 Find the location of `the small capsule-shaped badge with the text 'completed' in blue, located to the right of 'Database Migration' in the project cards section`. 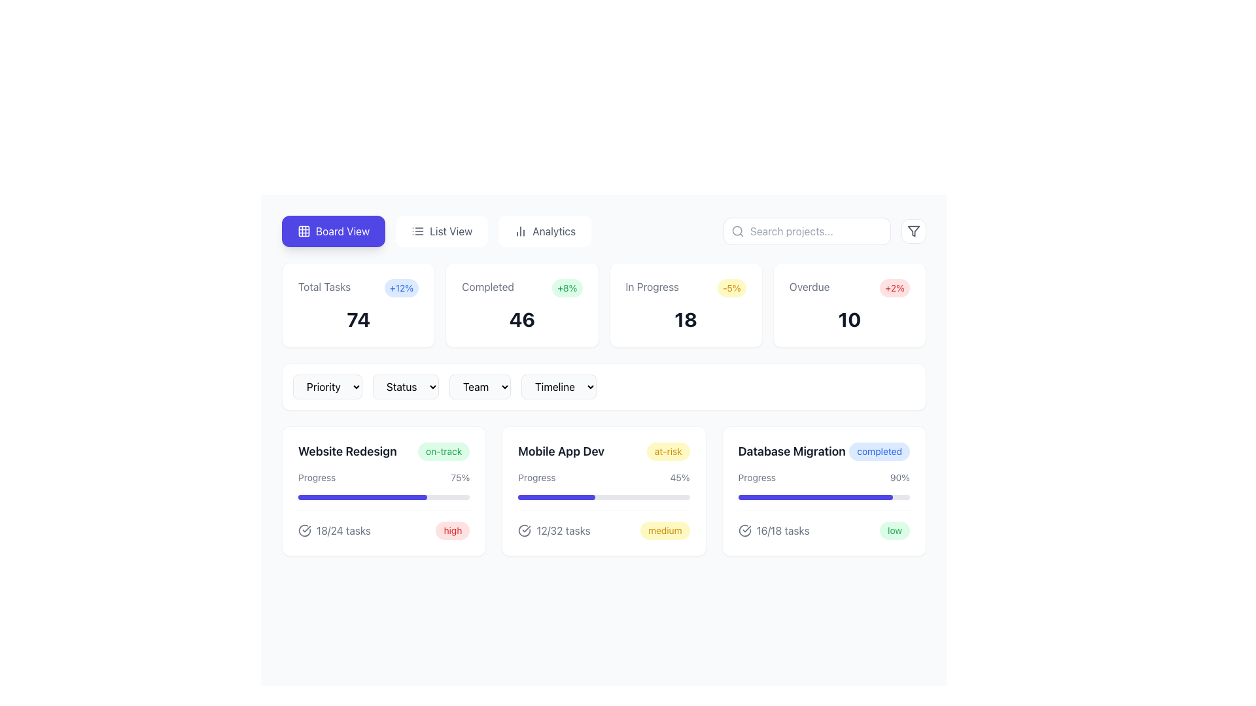

the small capsule-shaped badge with the text 'completed' in blue, located to the right of 'Database Migration' in the project cards section is located at coordinates (879, 450).